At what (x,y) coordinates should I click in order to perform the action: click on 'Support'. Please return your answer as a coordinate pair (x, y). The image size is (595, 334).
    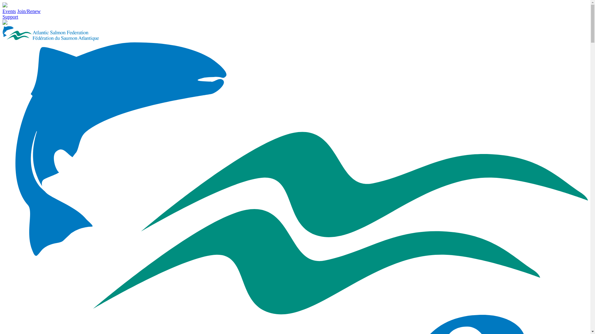
    Looking at the image, I should click on (10, 16).